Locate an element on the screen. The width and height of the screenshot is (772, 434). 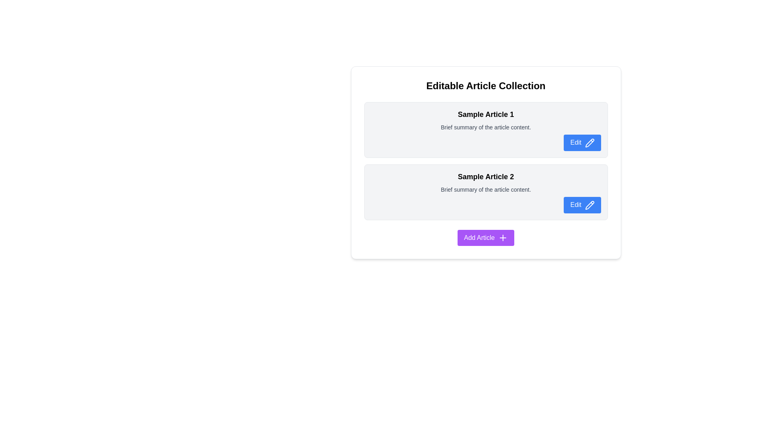
the button located at the bottom-right corner of the section for 'Sample Article 2' to observe the color change is located at coordinates (582, 205).